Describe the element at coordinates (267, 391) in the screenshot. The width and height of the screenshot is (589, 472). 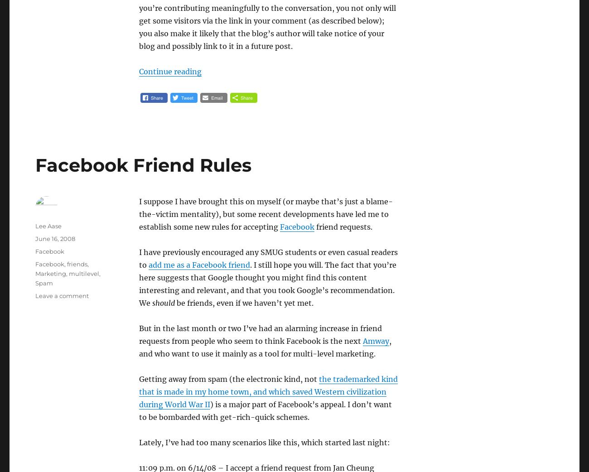
I see `'the trademarked kind that is made in my home town, and which saved Western civilization during World War II'` at that location.